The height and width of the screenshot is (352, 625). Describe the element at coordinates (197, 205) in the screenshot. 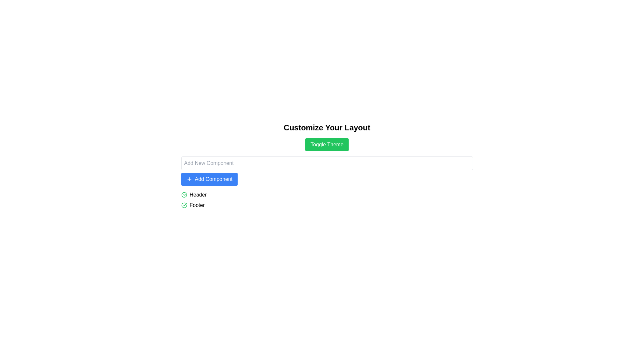

I see `the 'Footer' text label, which is the second item in the vertical list below the 'Header' text and aligned with it, contained within the same box as the green checkmark icon` at that location.